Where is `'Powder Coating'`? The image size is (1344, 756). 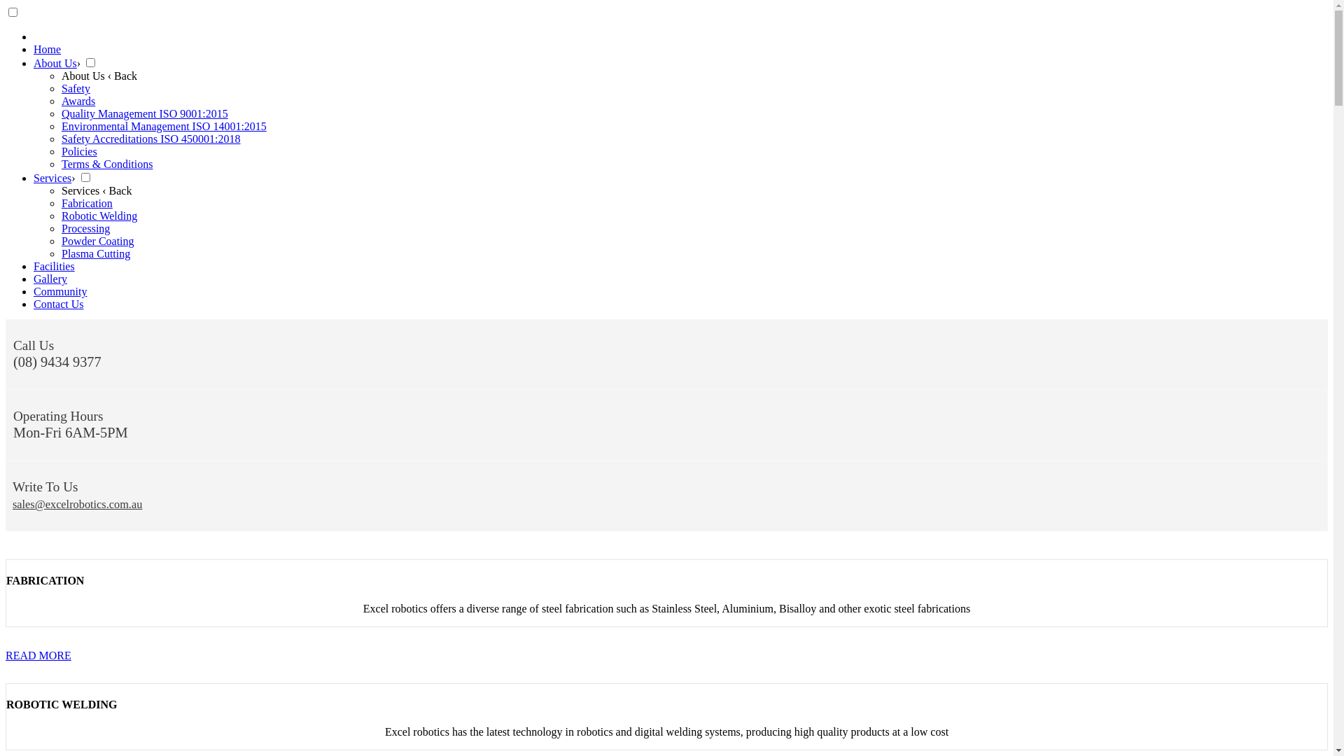 'Powder Coating' is located at coordinates (97, 240).